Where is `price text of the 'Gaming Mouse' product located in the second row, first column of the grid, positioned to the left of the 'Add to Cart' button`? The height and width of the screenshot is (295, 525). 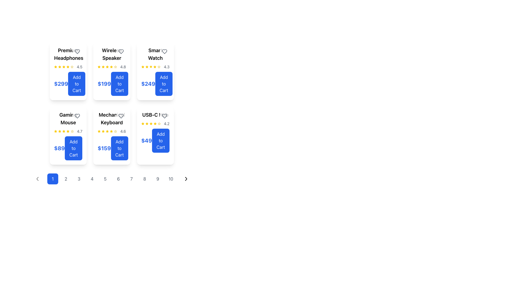
price text of the 'Gaming Mouse' product located in the second row, first column of the grid, positioned to the left of the 'Add to Cart' button is located at coordinates (59, 148).